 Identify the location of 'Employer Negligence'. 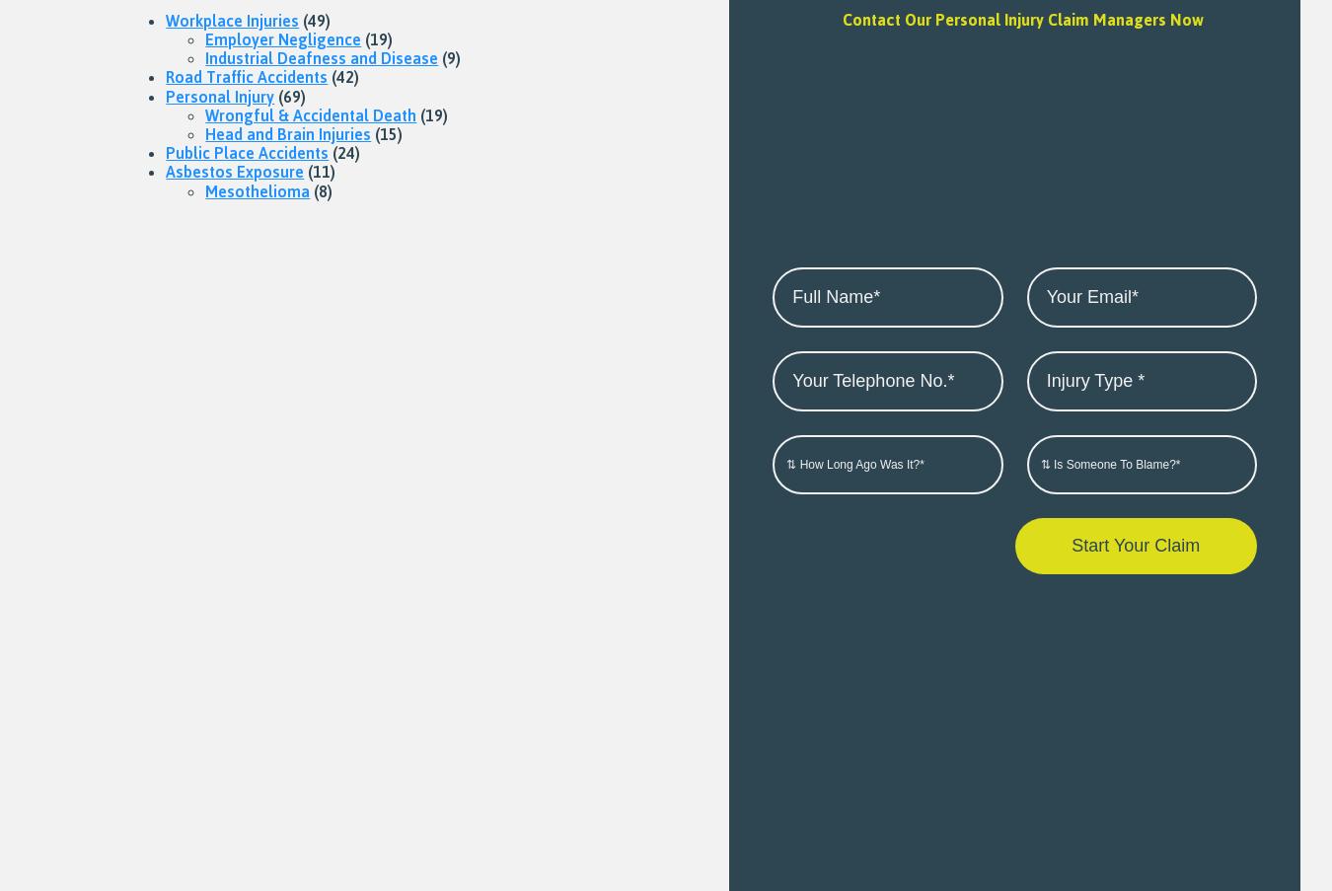
(282, 38).